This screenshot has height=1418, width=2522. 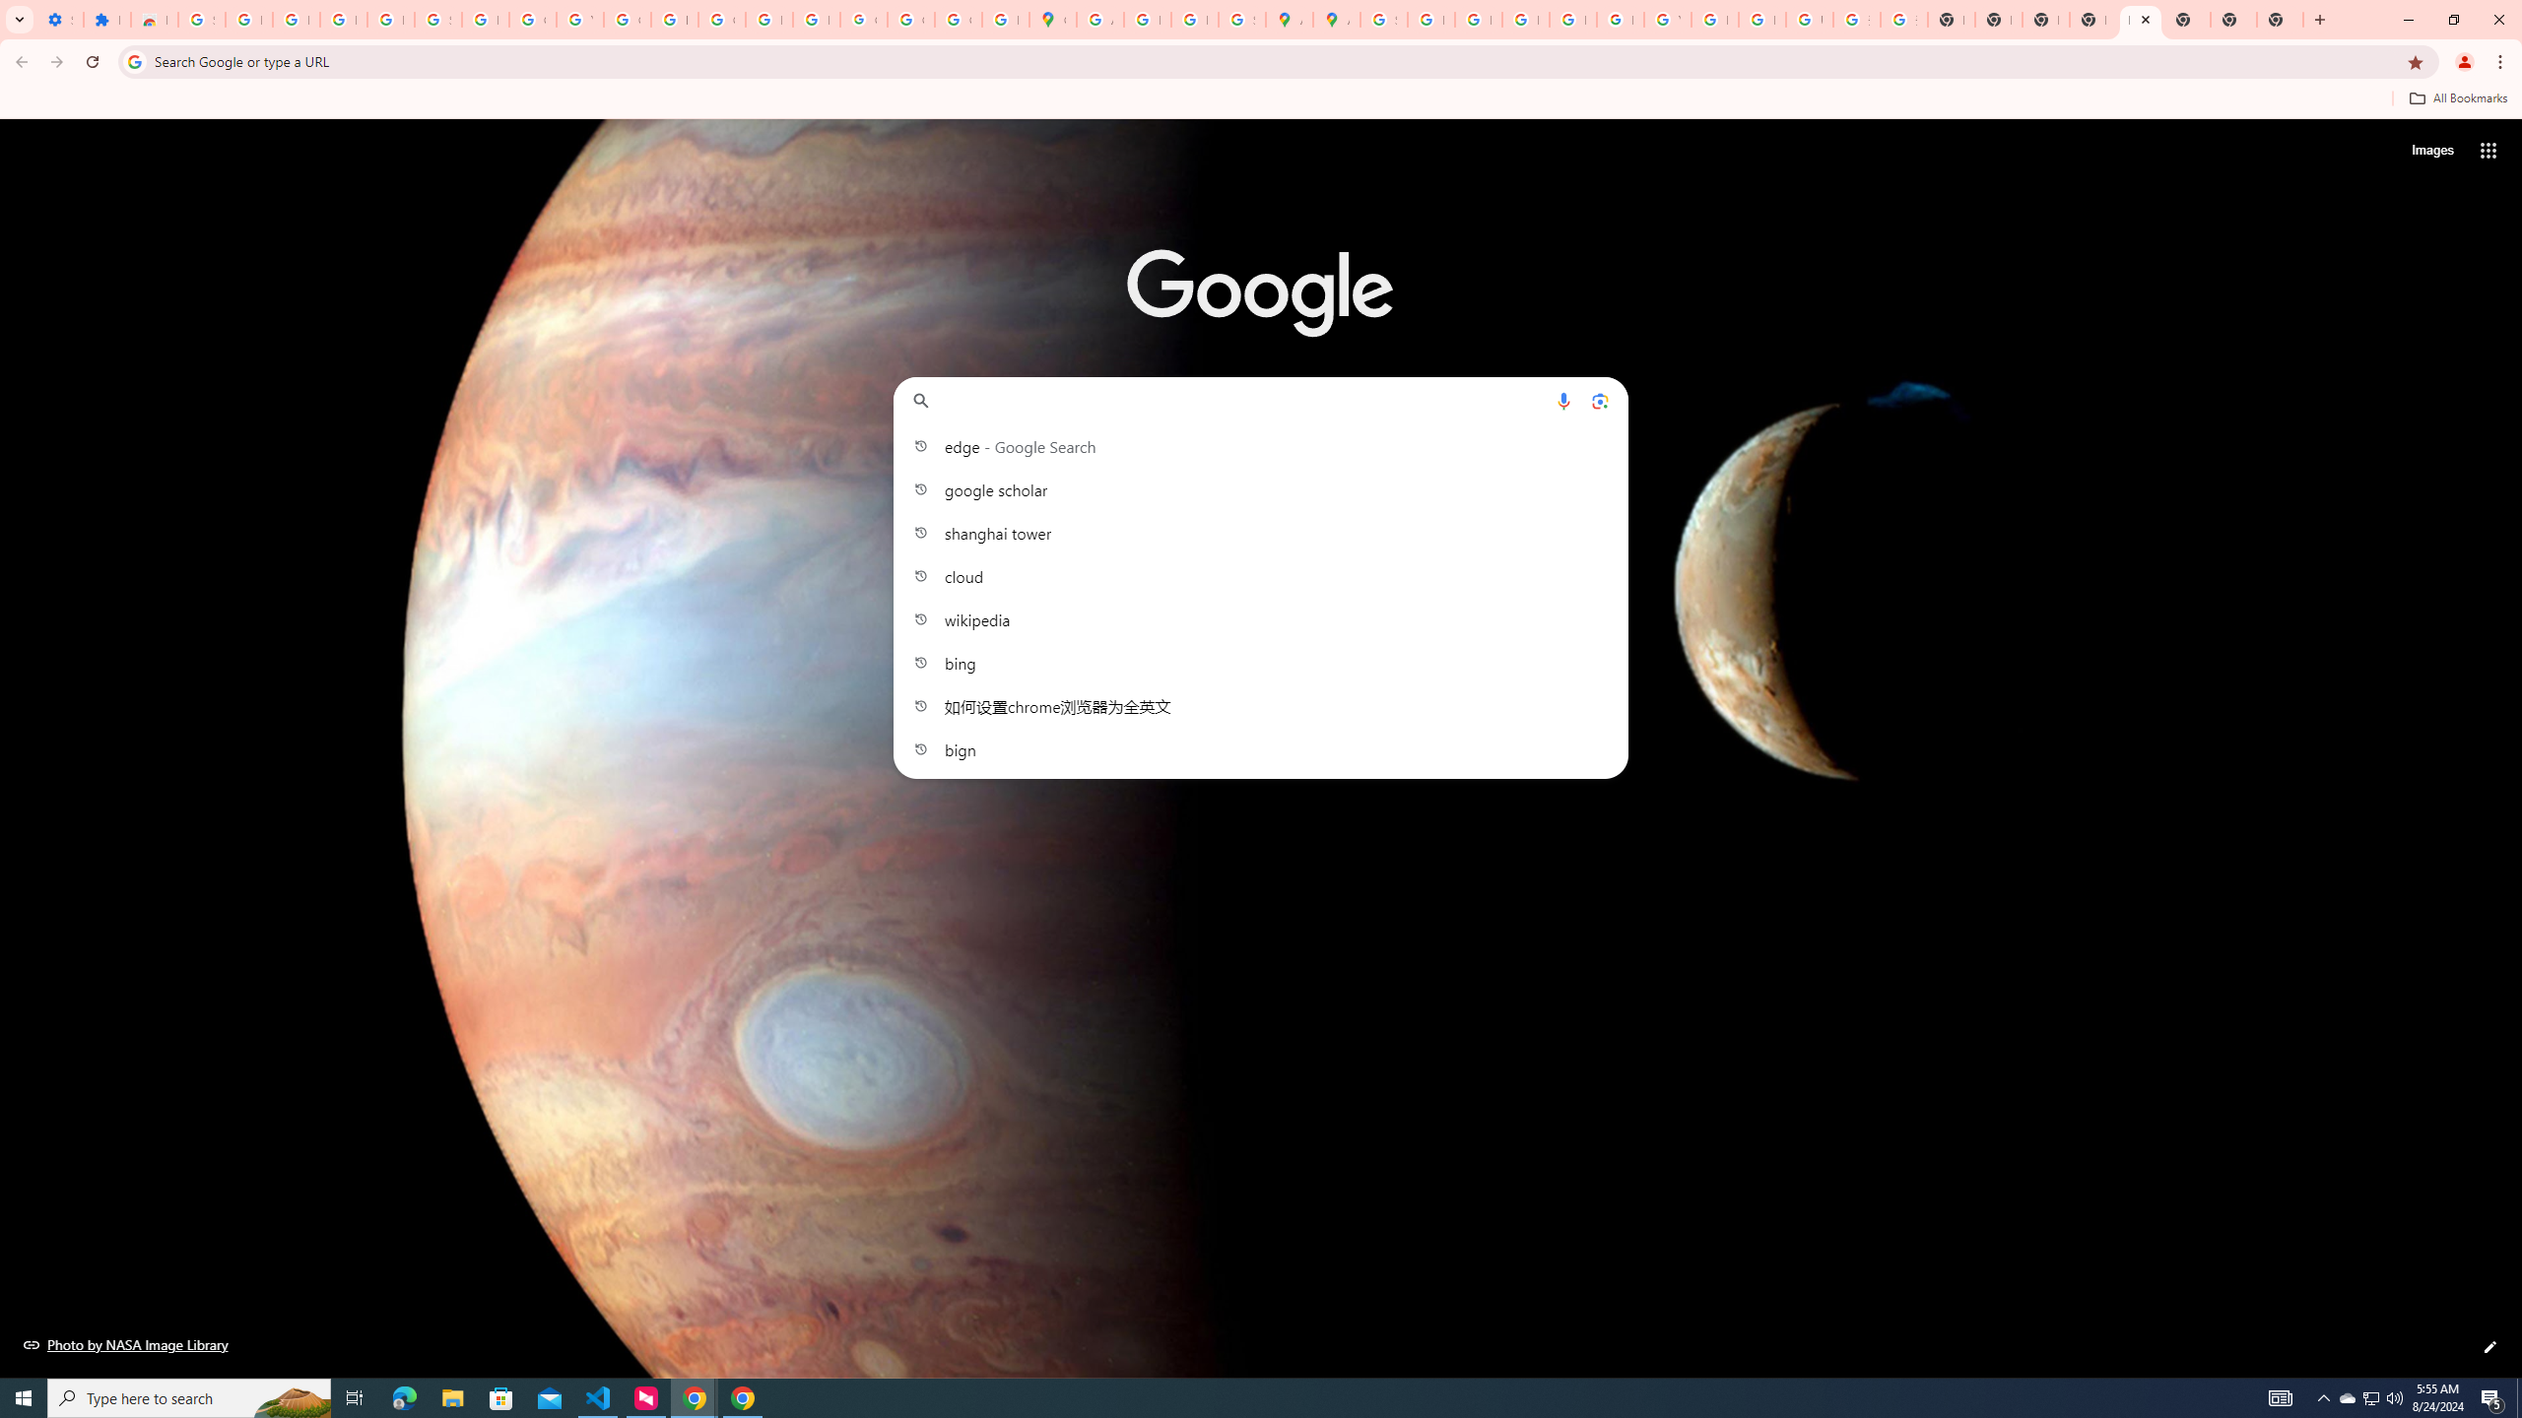 I want to click on 'Delete photos & videos - Computer - Google Photos Help', so click(x=295, y=19).